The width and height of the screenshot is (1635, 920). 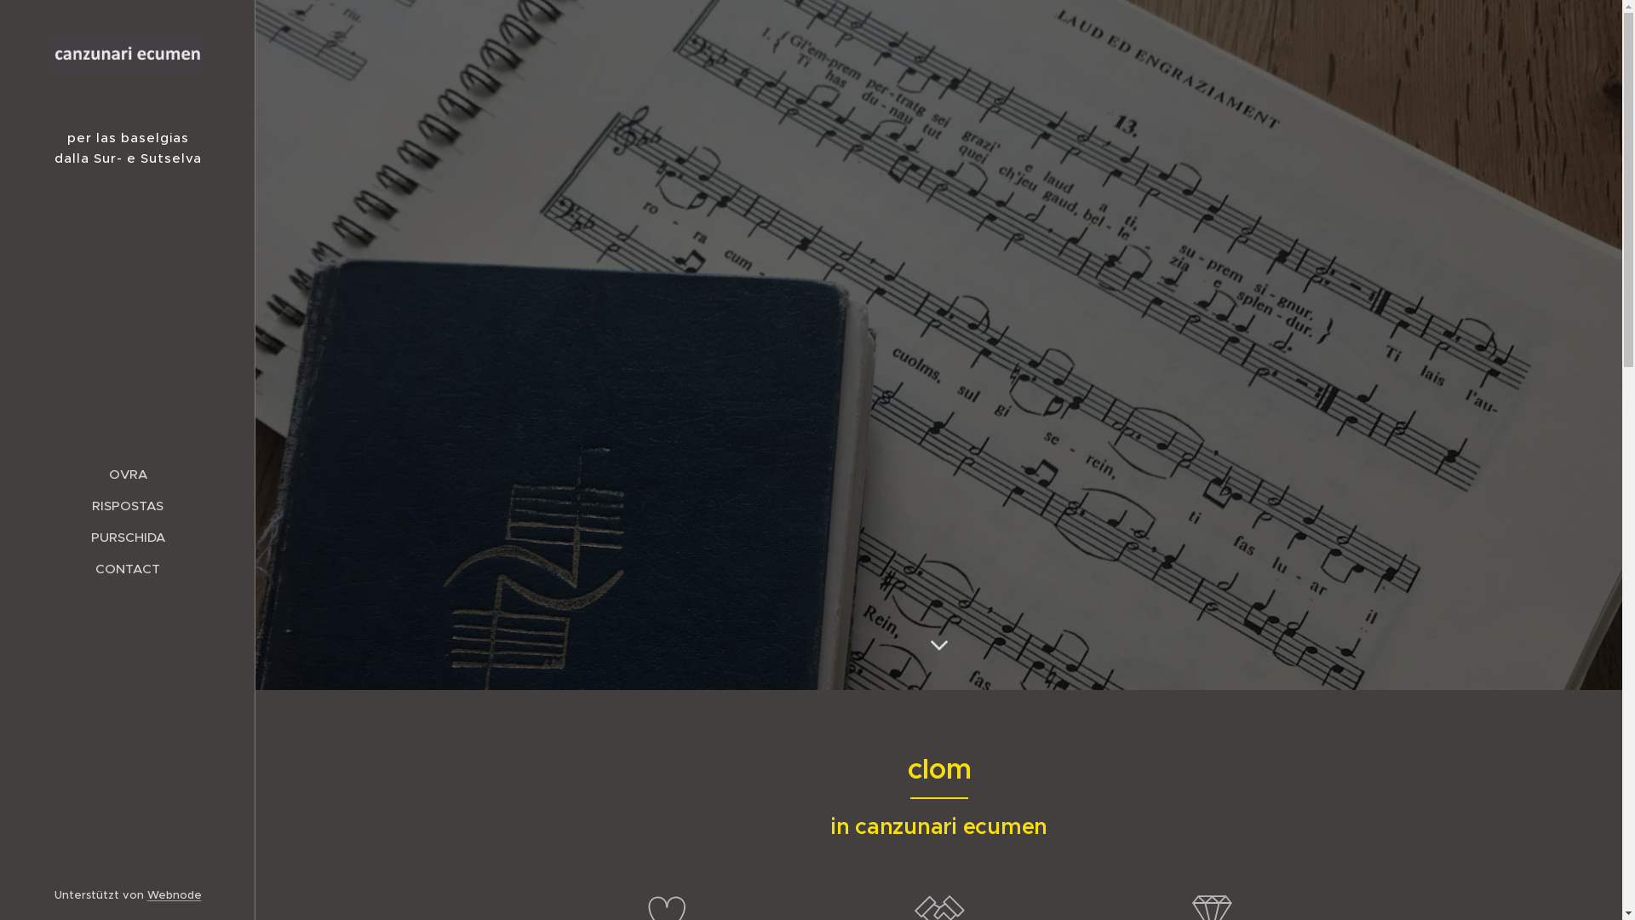 I want to click on 'RISPOSTAS', so click(x=126, y=504).